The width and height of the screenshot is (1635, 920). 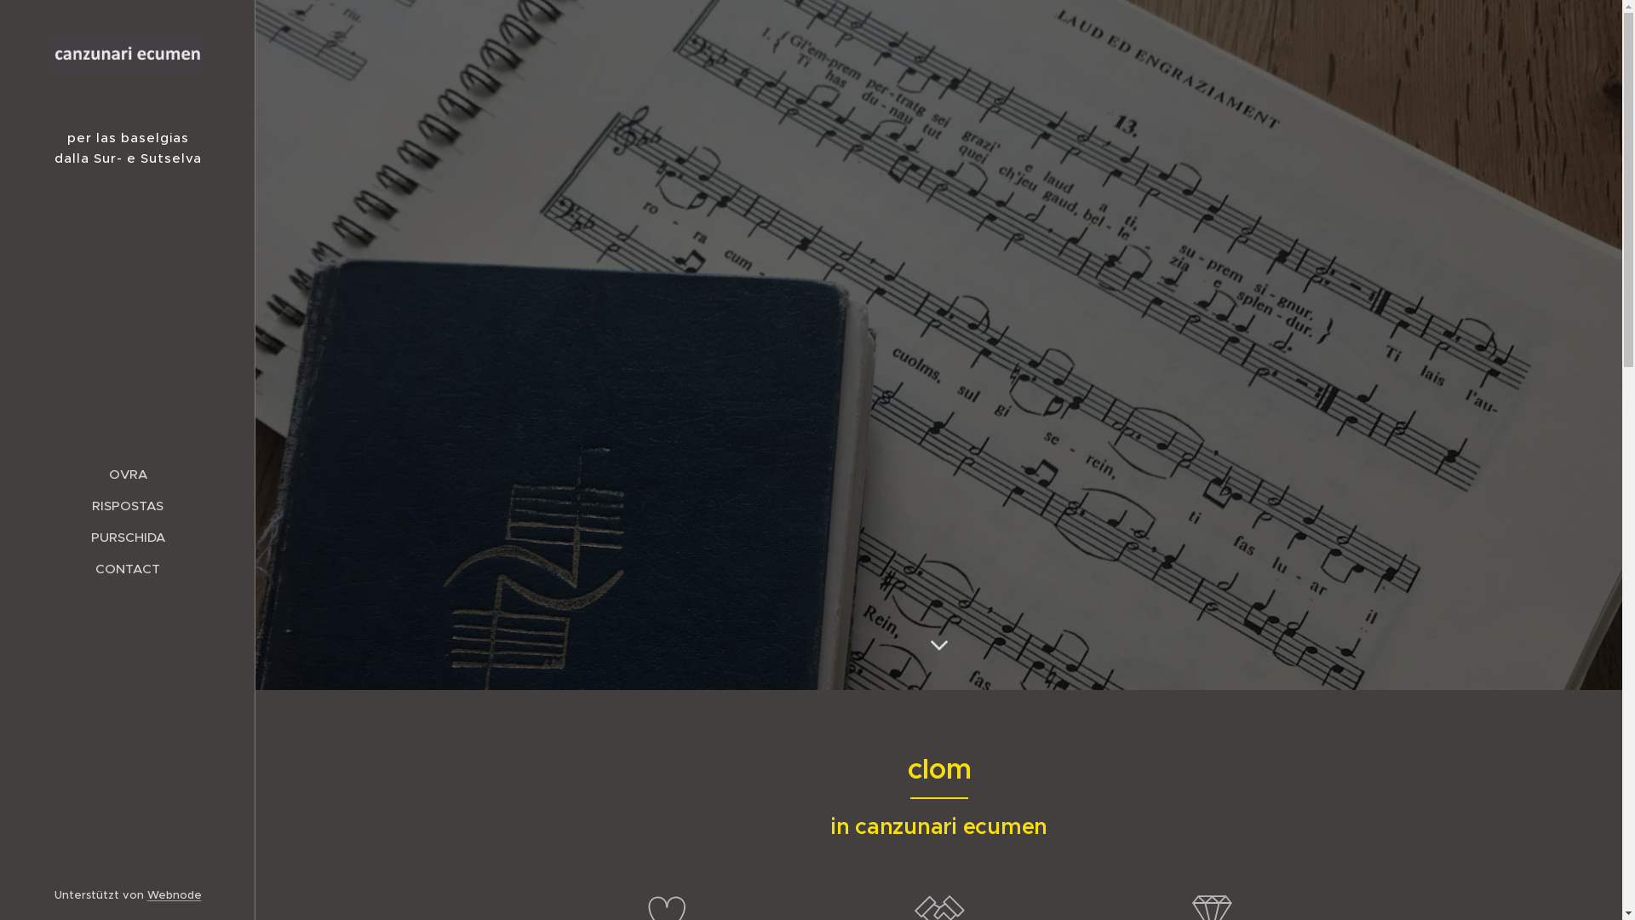 I want to click on 'RISPOSTAS', so click(x=126, y=504).